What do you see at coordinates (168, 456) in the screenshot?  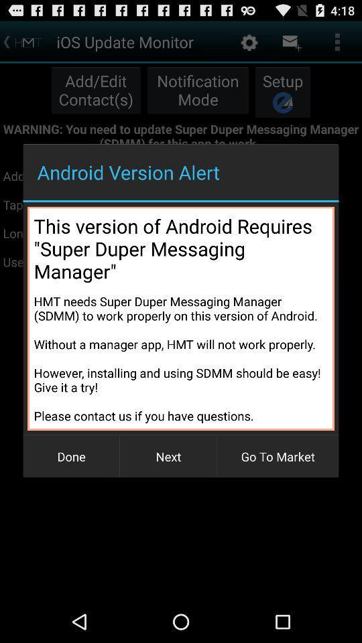 I see `the button to the right of done` at bounding box center [168, 456].